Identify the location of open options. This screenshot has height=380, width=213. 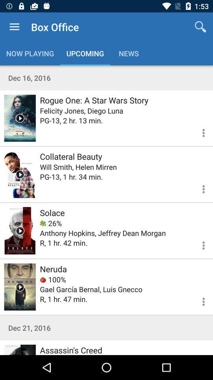
(198, 244).